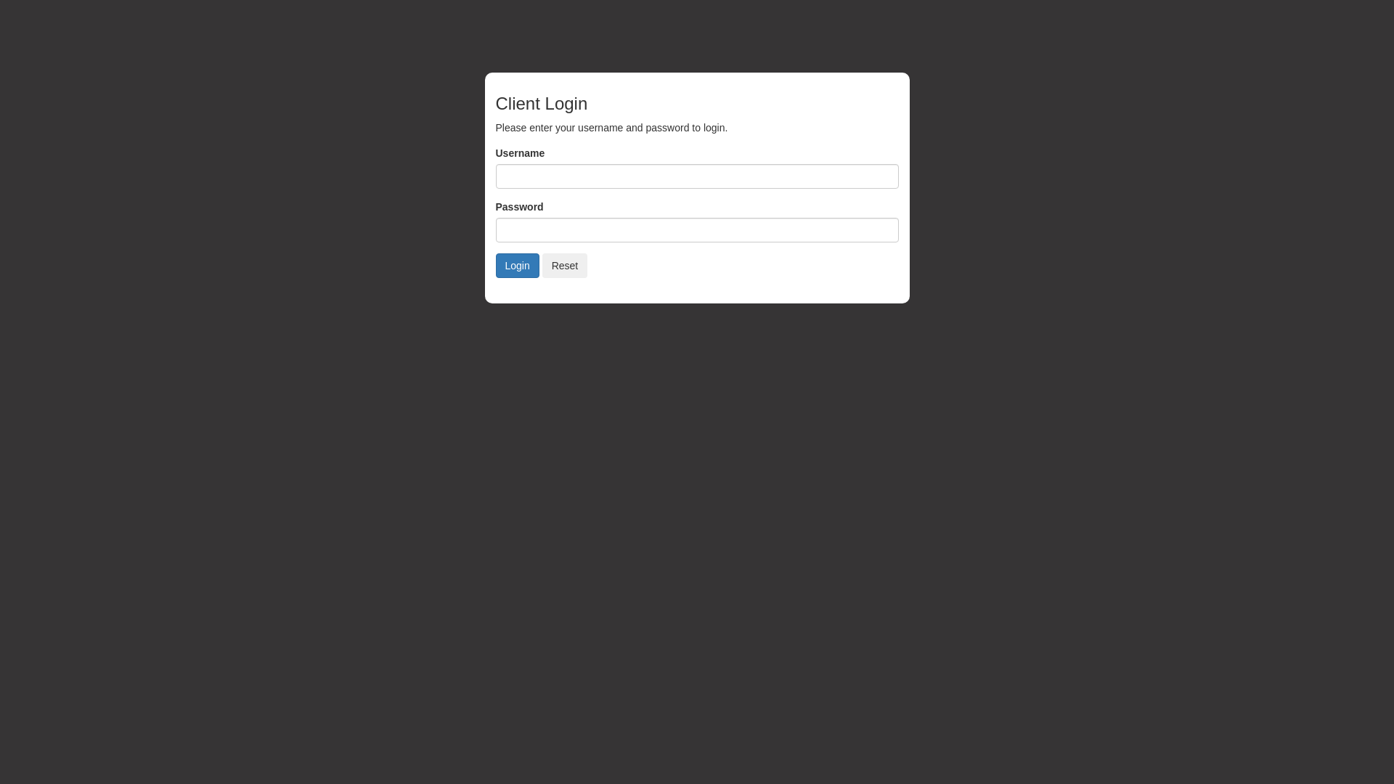 The image size is (1394, 784). Describe the element at coordinates (516, 266) in the screenshot. I see `'Login'` at that location.